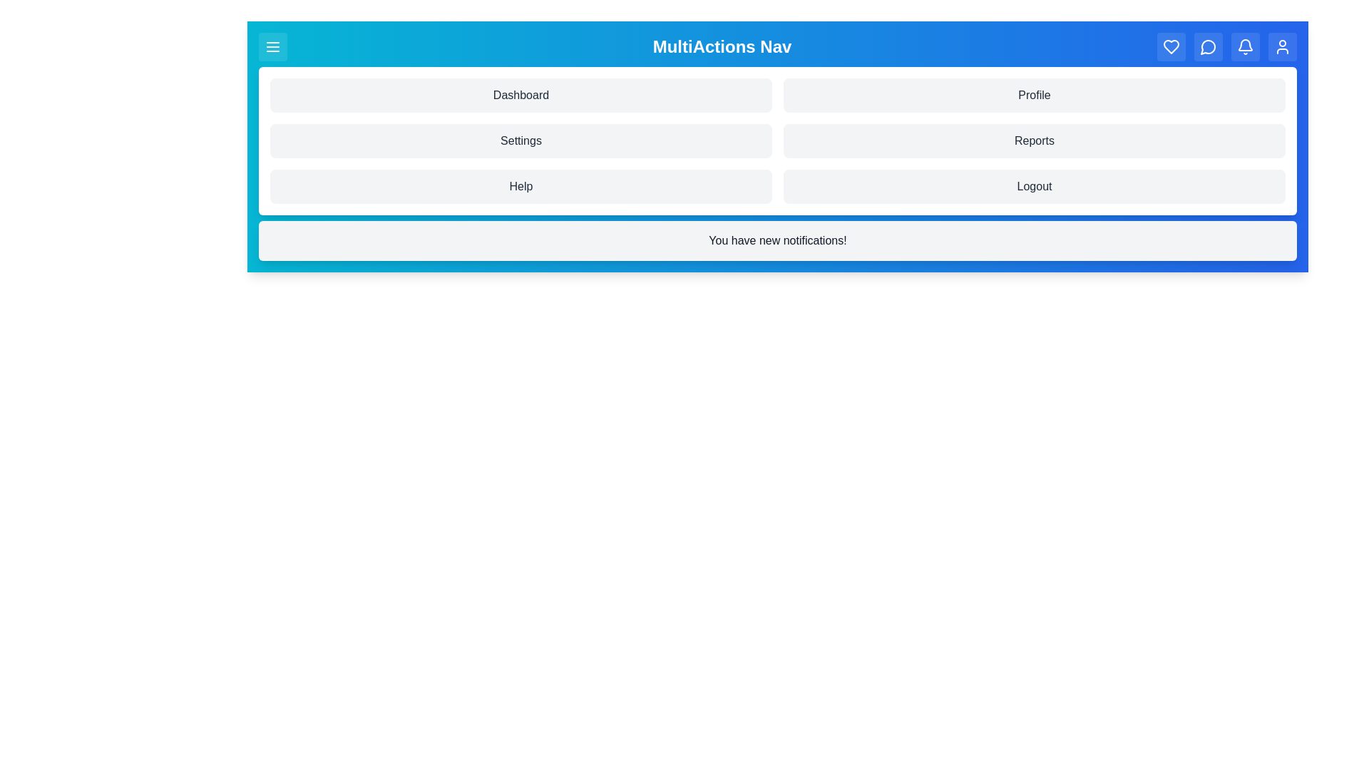 Image resolution: width=1369 pixels, height=770 pixels. I want to click on the menu button to toggle the menu visibility, so click(273, 46).